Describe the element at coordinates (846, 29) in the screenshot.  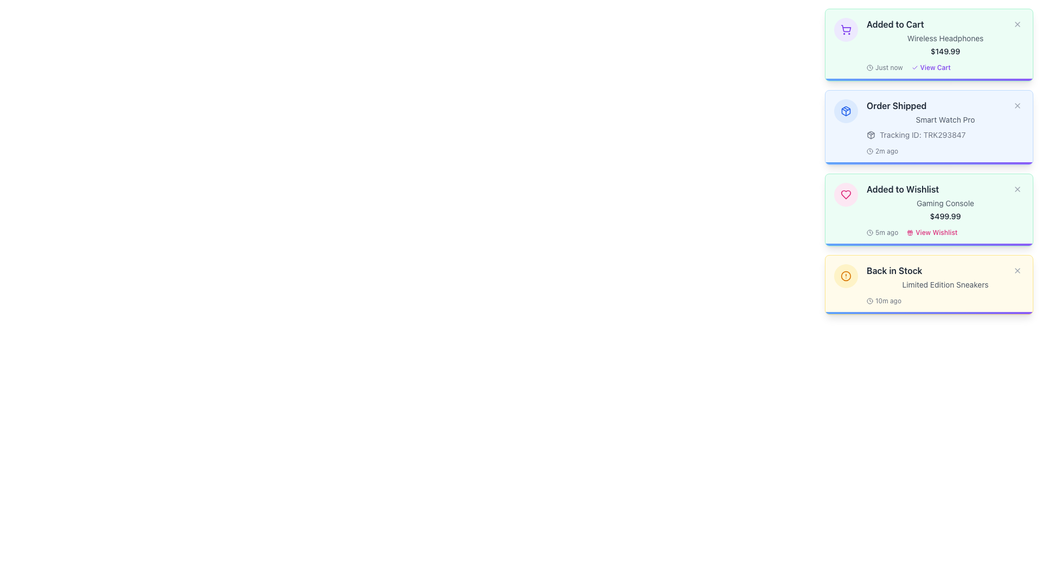
I see `the shopping cart icon, which is a minimalistic outline style with a rounded rectangle body and two circles as wheels, located at the top of the notification list` at that location.